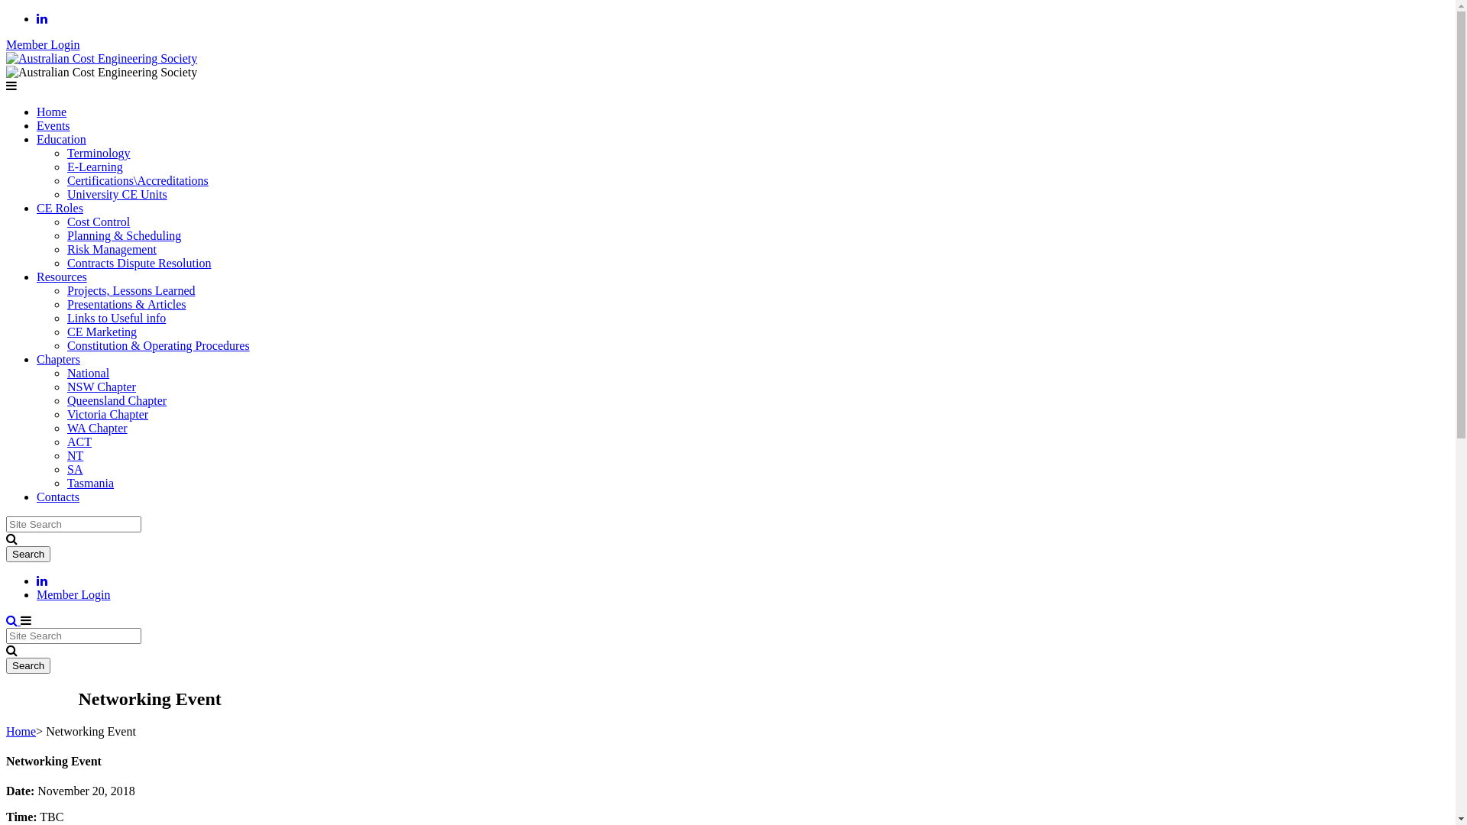 The width and height of the screenshot is (1467, 825). What do you see at coordinates (73, 468) in the screenshot?
I see `'SA'` at bounding box center [73, 468].